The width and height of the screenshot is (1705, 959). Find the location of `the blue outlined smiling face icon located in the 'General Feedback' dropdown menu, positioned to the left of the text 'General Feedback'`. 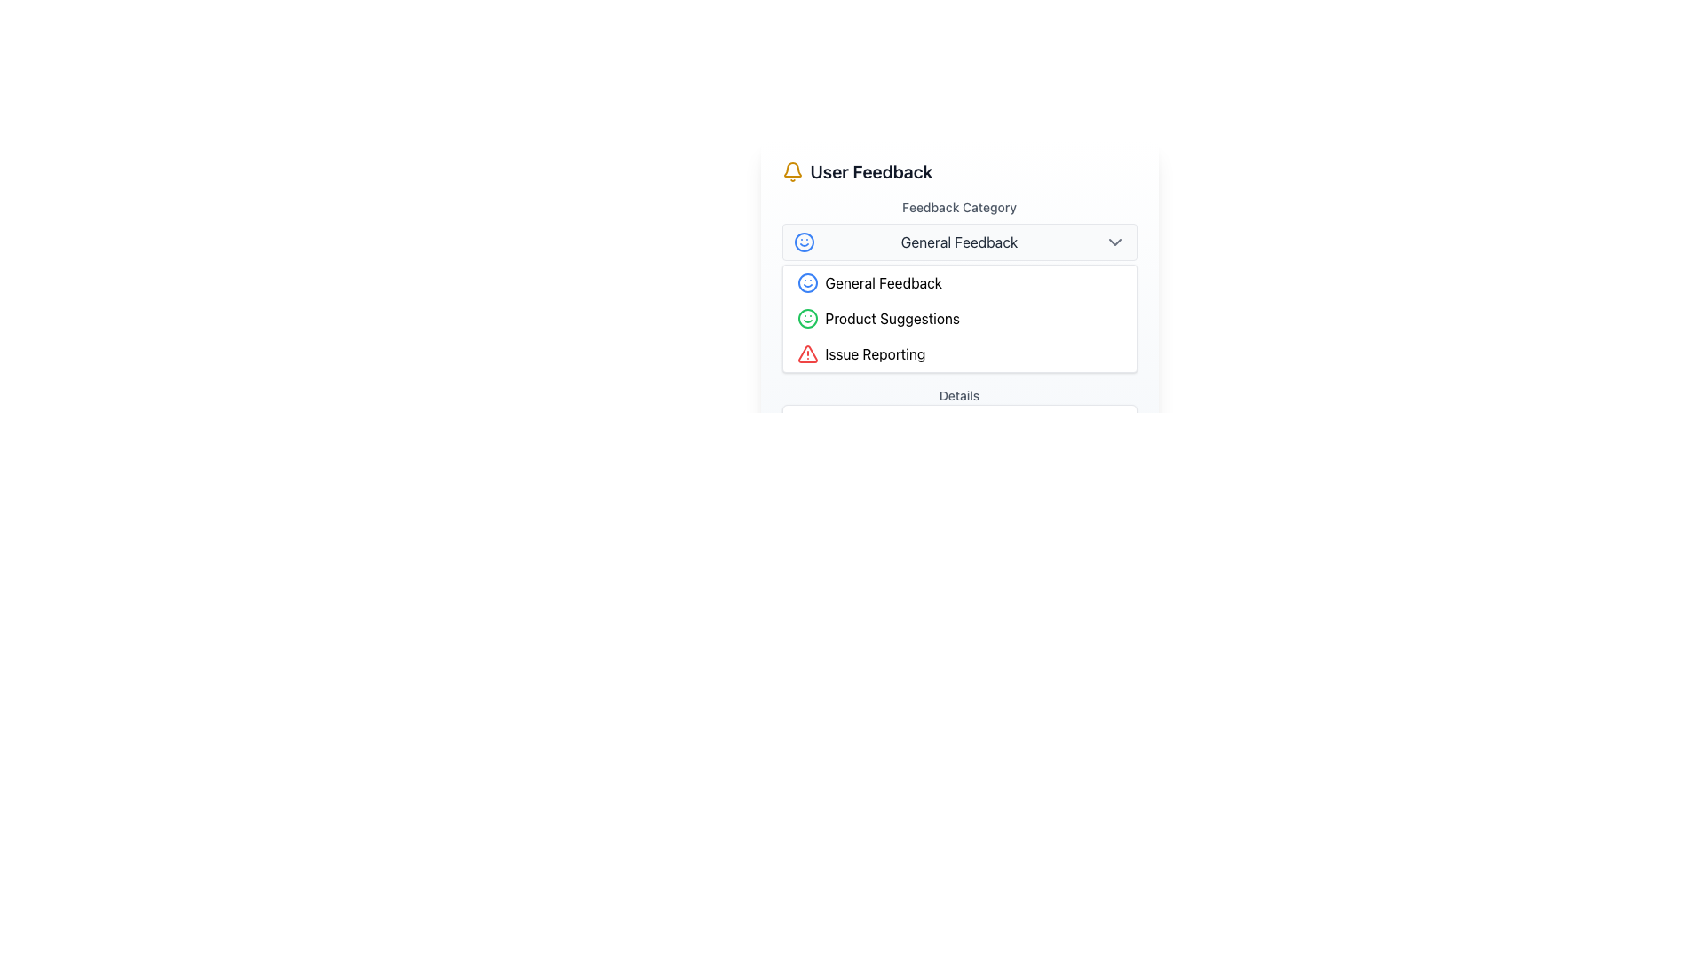

the blue outlined smiling face icon located in the 'General Feedback' dropdown menu, positioned to the left of the text 'General Feedback' is located at coordinates (803, 242).